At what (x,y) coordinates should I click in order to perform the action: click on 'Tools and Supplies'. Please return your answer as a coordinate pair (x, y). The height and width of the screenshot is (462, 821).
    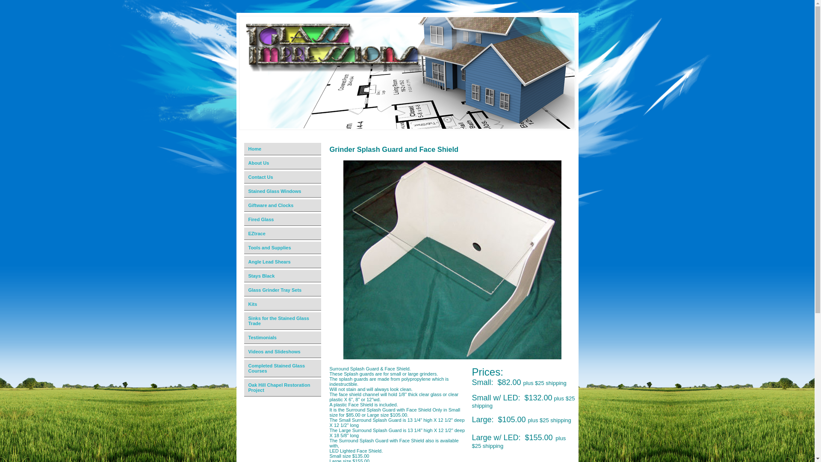
    Looking at the image, I should click on (283, 248).